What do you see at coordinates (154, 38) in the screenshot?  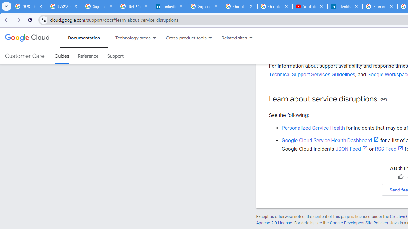 I see `'Dropdown menu for Technology areas'` at bounding box center [154, 38].